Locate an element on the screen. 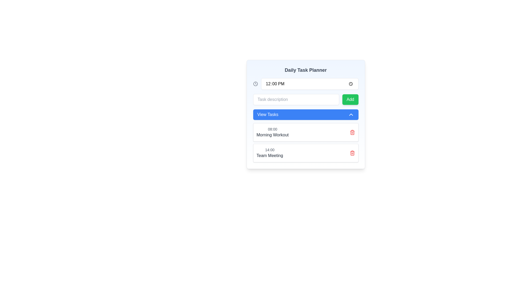 This screenshot has width=508, height=286. the text label displaying the time '14:00' in a small, gray-colored font located within the task card titled 'Team Meeting' is located at coordinates (270, 150).